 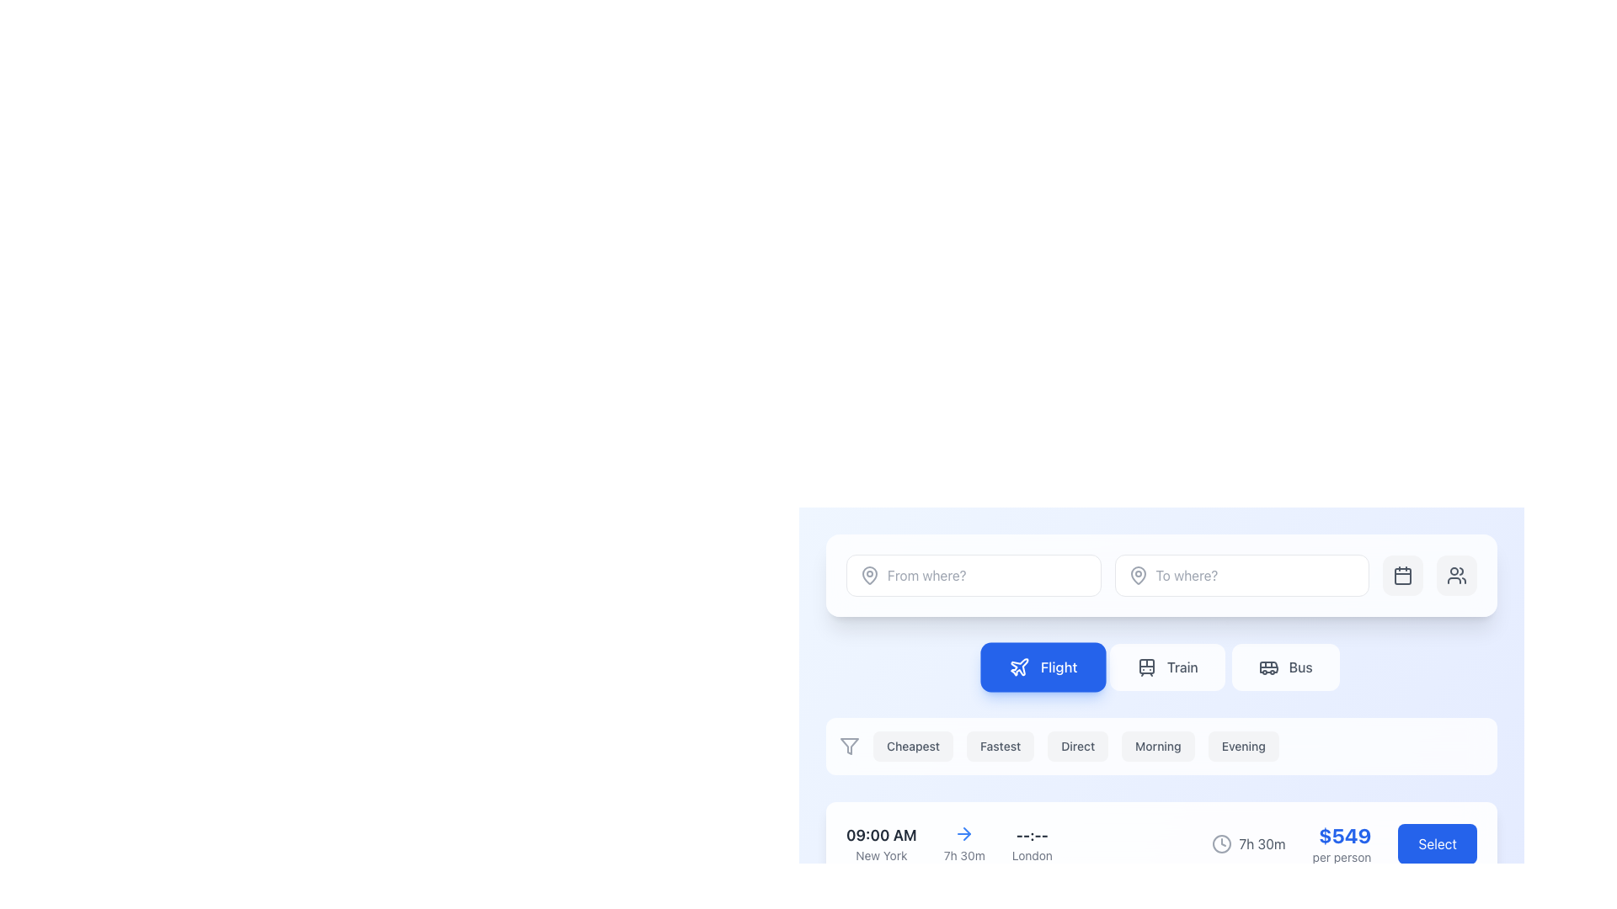 I want to click on the small gray filter icon shaped like a funnel, positioned as the first item in a horizontal list of buttons, so click(x=849, y=746).